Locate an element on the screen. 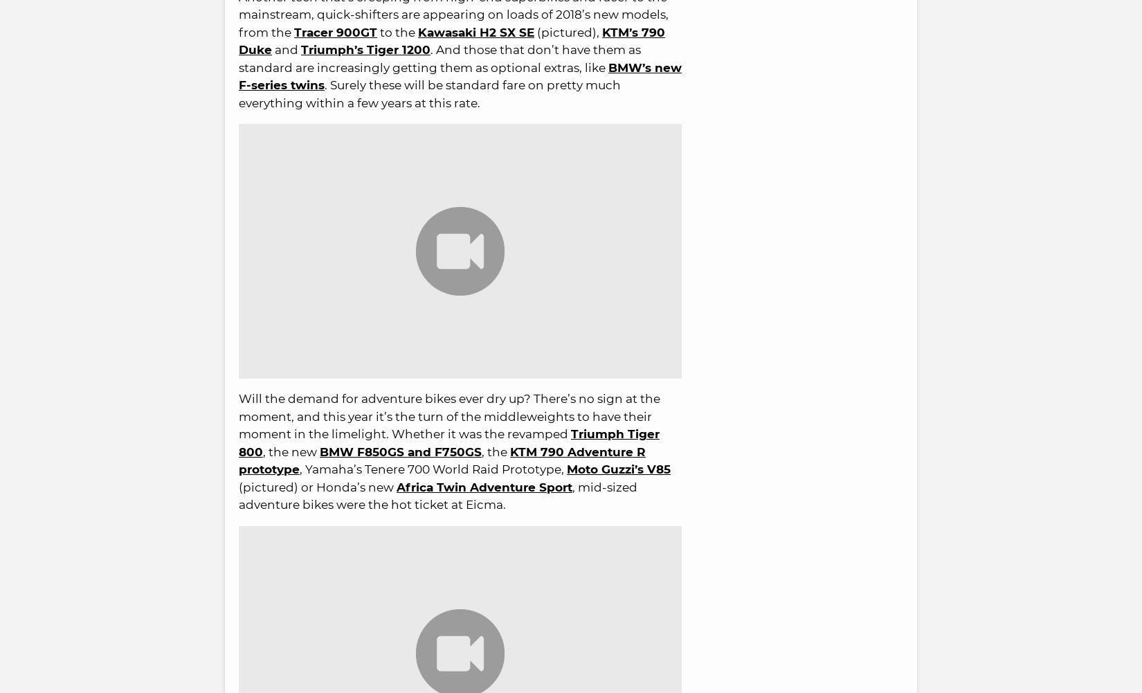  'Tracer 900GT' is located at coordinates (334, 32).